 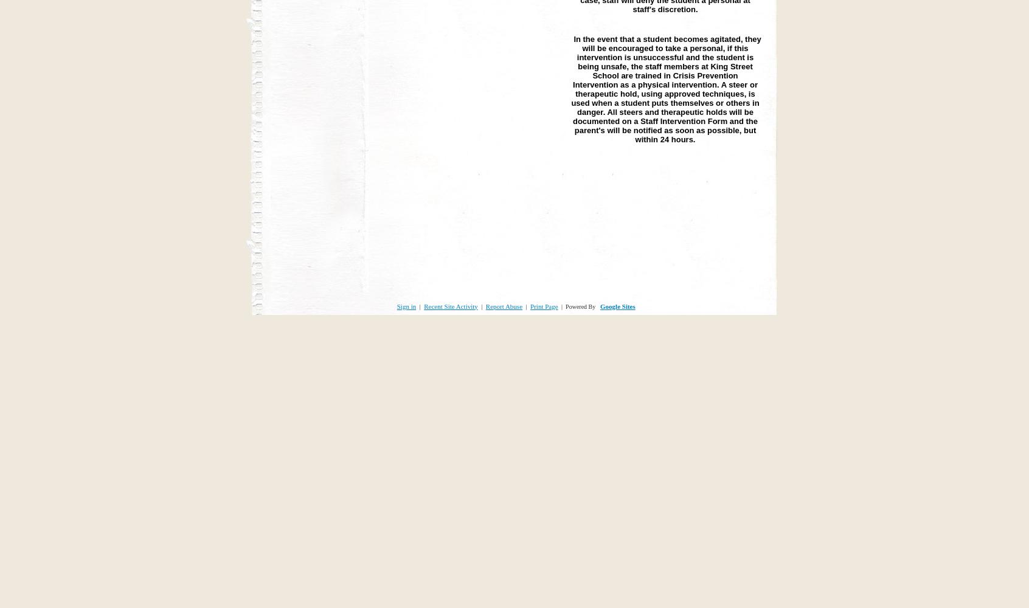 I want to click on 'Recent Site Activity', so click(x=449, y=306).